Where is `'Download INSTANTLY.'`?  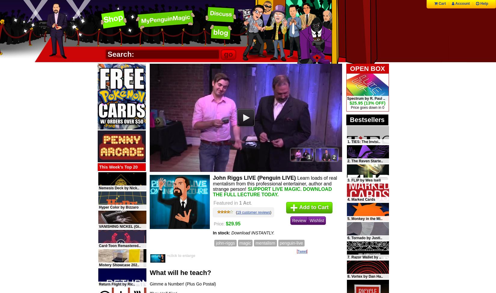
'Download INSTANTLY.' is located at coordinates (253, 233).